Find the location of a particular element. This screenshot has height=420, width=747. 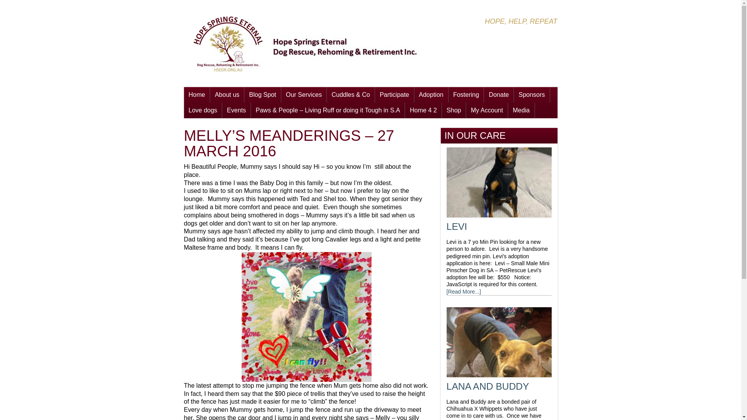

'Events' is located at coordinates (236, 110).